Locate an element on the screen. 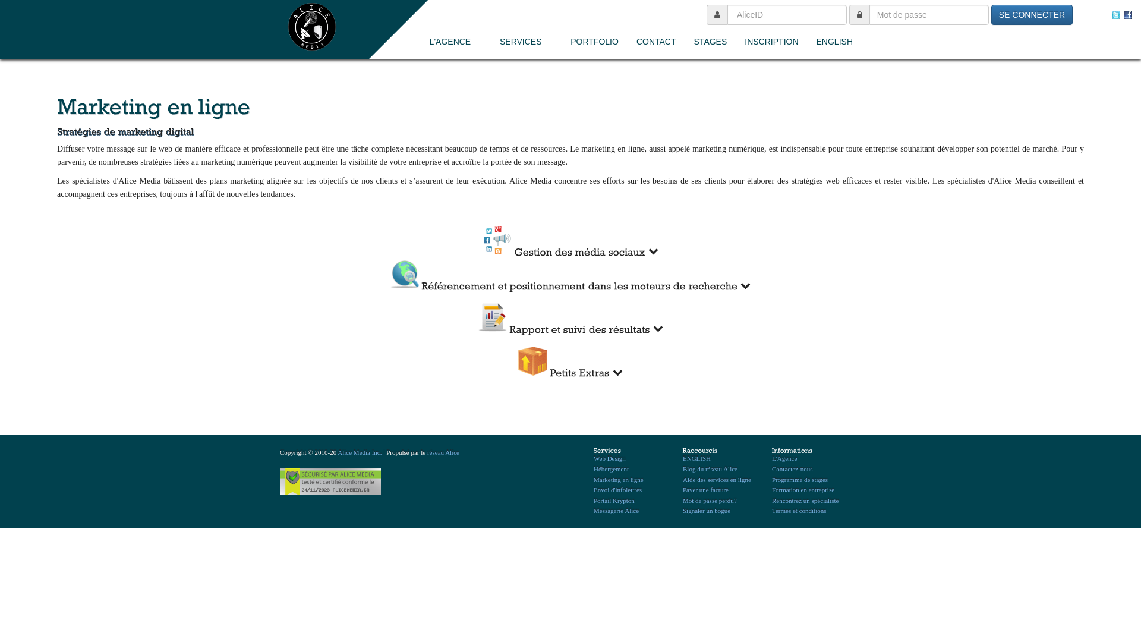 Image resolution: width=1141 pixels, height=642 pixels. 'INSCRIPTION' is located at coordinates (771, 40).